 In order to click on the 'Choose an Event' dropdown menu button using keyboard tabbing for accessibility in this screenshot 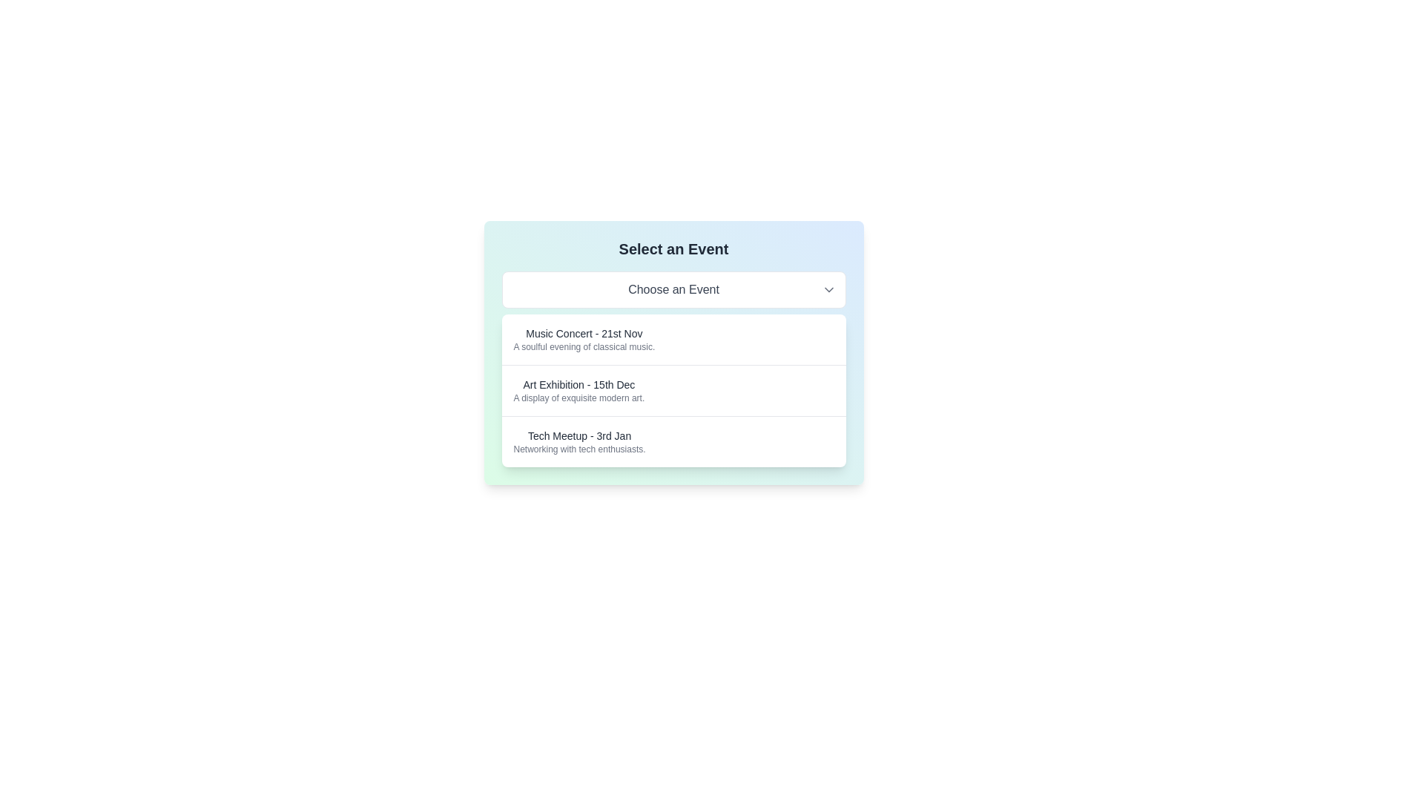, I will do `click(673, 289)`.